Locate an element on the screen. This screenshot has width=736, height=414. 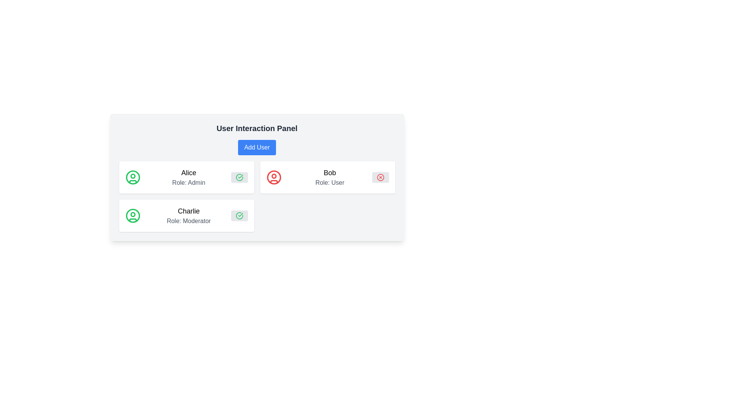
the small red circular Graphical SVG element located in the top part of the user avatar icon representing Bob is located at coordinates (274, 176).